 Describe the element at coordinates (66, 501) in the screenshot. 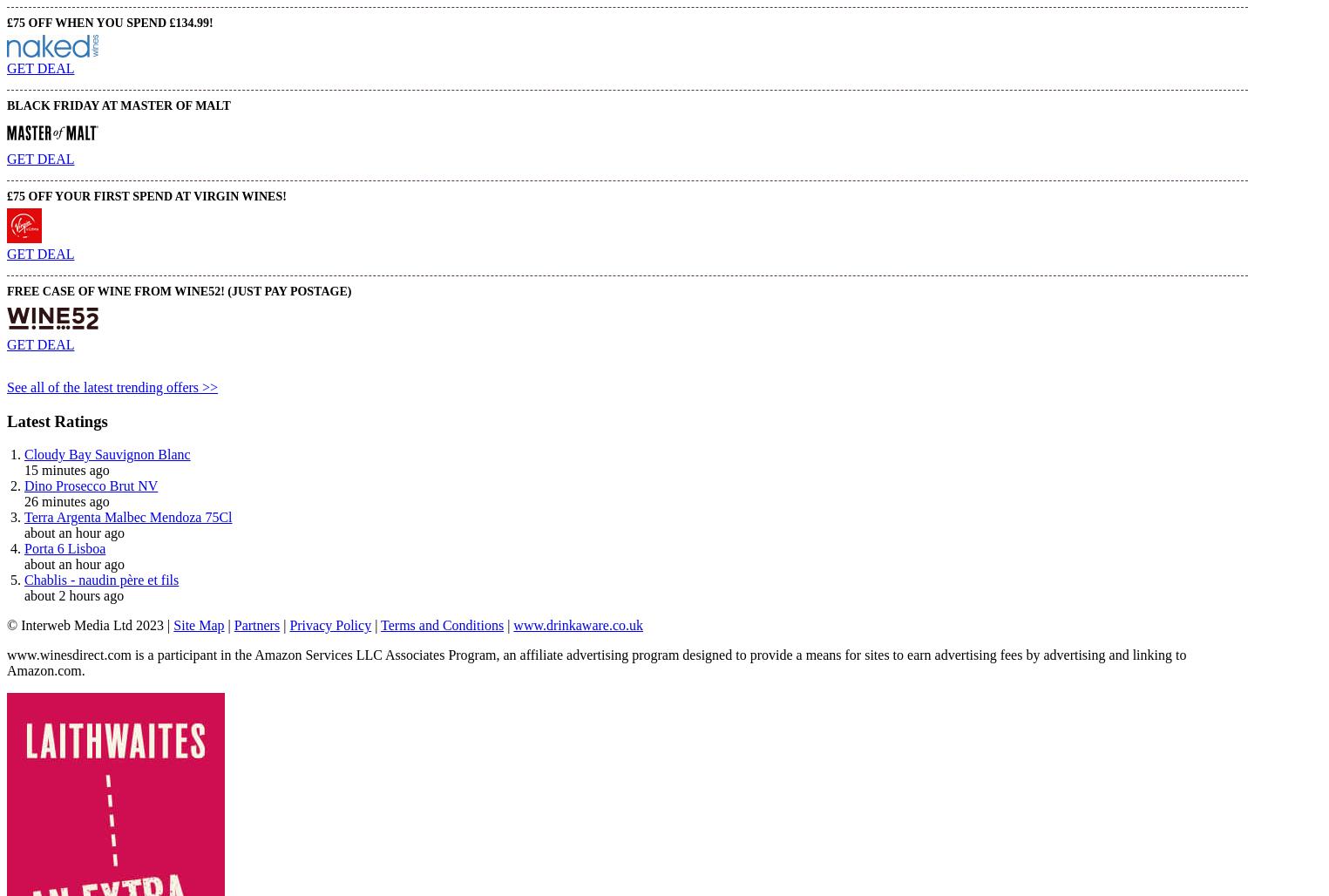

I see `'26 minutes ago'` at that location.